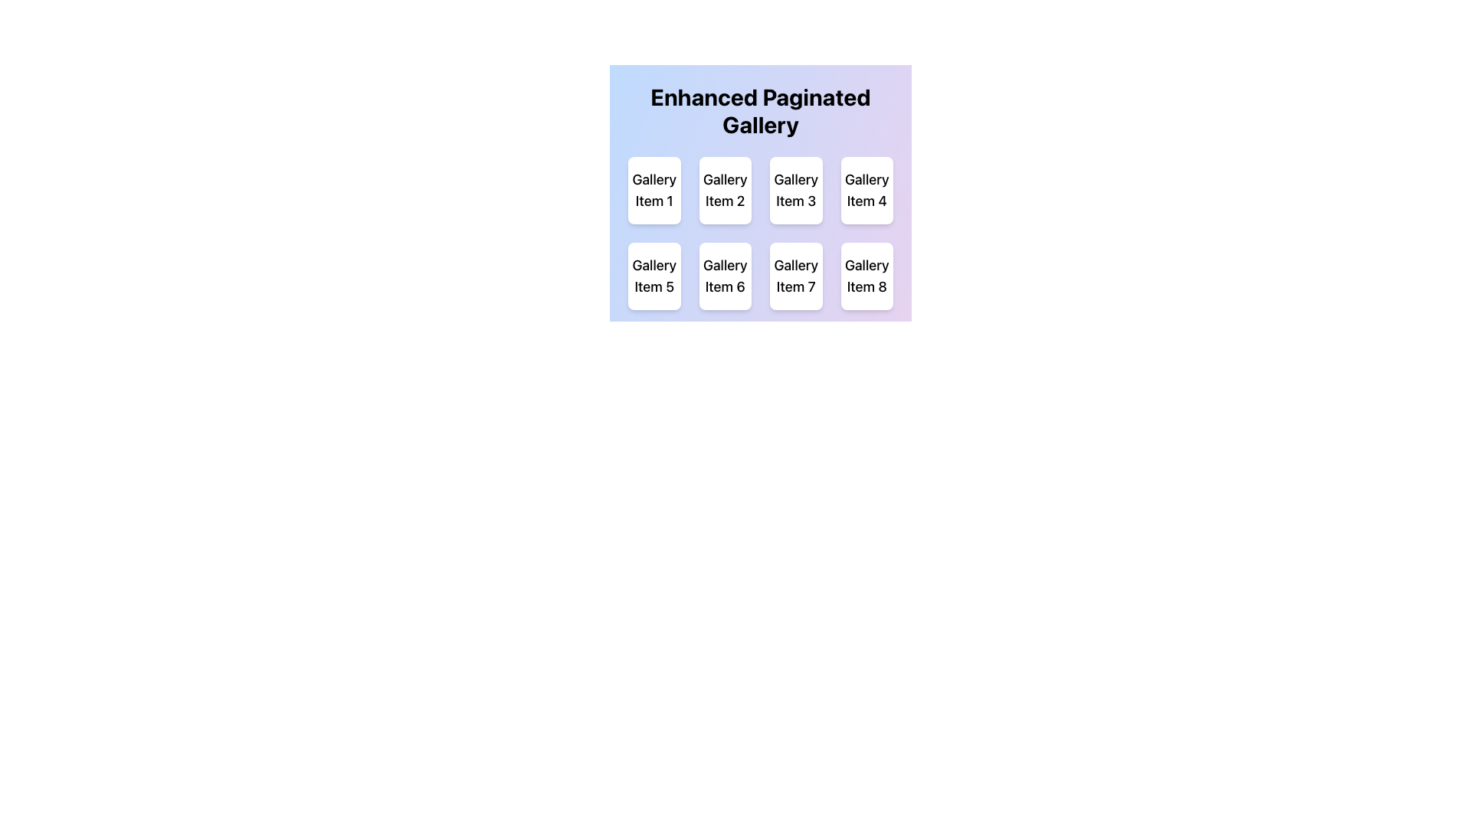 This screenshot has width=1471, height=827. Describe the element at coordinates (796, 276) in the screenshot. I see `the non-interactive informational card displaying 'Gallery Item 7' located in the second row, third column of the grid layout` at that location.